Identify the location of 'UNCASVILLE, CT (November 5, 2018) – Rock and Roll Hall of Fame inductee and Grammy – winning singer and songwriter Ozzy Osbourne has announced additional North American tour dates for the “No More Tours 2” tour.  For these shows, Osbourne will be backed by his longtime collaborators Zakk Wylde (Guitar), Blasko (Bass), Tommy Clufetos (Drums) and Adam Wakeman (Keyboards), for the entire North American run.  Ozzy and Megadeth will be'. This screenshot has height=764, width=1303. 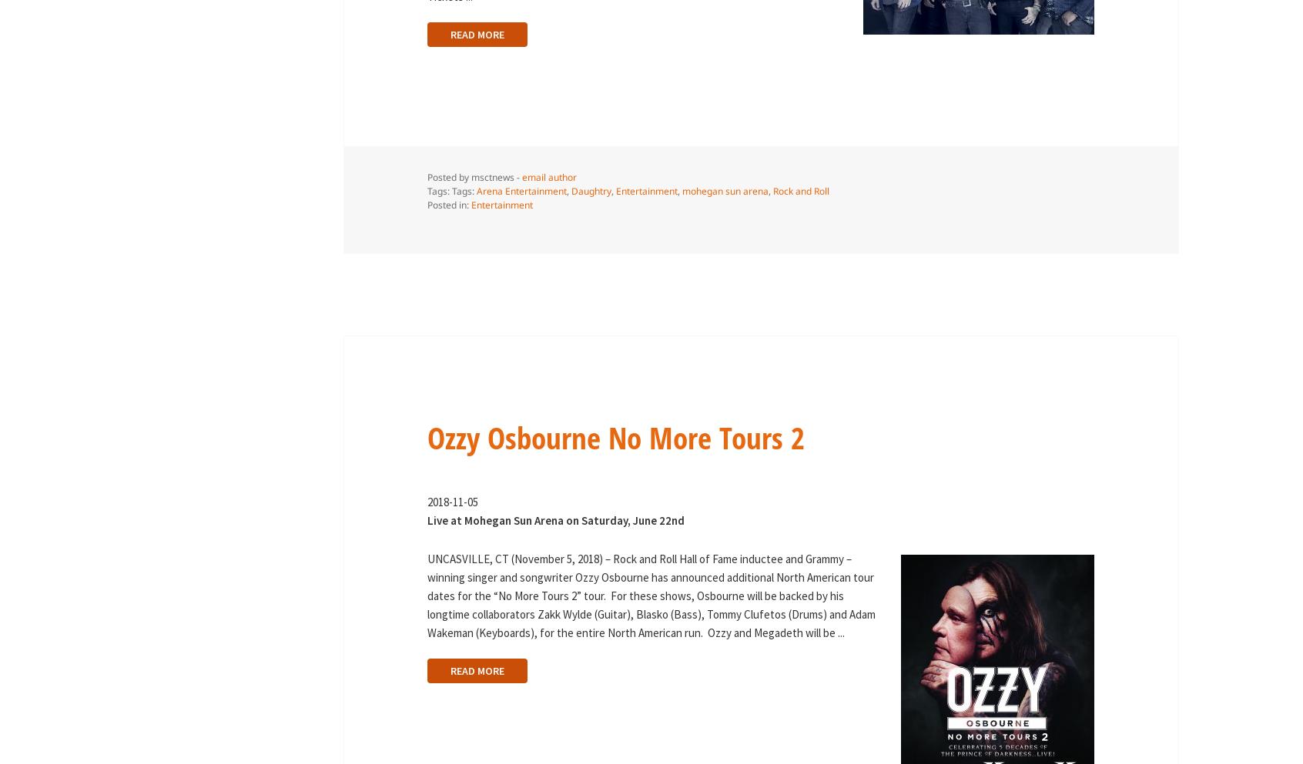
(650, 594).